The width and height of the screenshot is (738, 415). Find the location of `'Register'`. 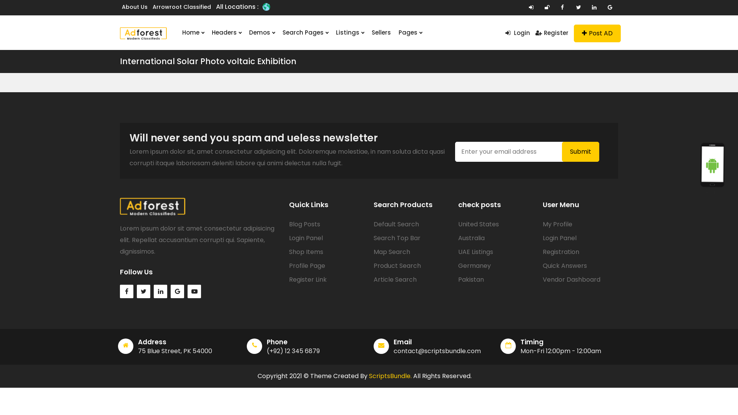

'Register' is located at coordinates (551, 32).